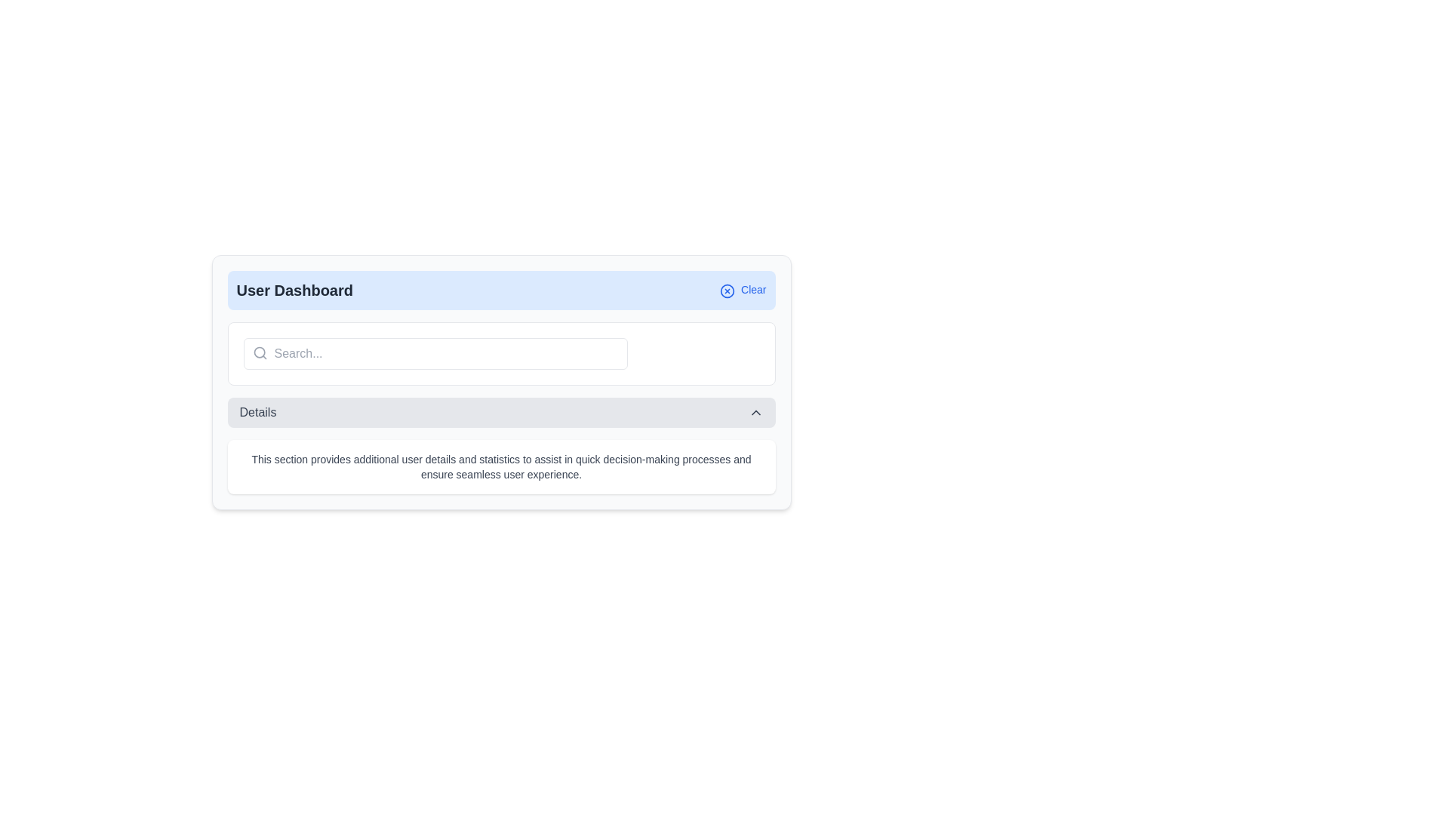  I want to click on the link styled as a button located on the far right of the blue header bar labeled 'User Dashboard', so click(743, 291).